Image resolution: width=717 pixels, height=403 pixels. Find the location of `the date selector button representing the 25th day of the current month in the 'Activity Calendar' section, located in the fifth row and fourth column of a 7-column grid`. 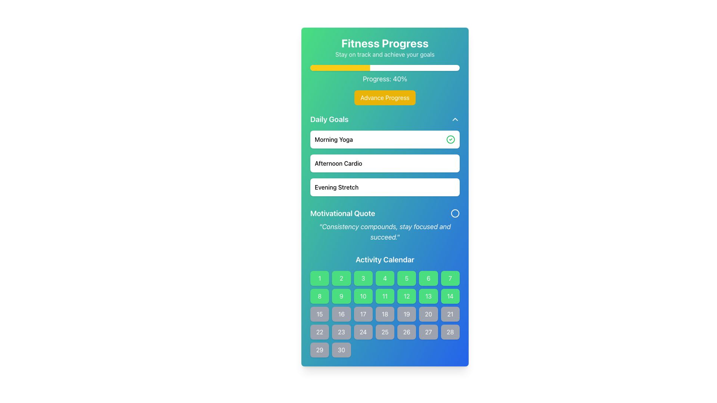

the date selector button representing the 25th day of the current month in the 'Activity Calendar' section, located in the fifth row and fourth column of a 7-column grid is located at coordinates (385, 332).